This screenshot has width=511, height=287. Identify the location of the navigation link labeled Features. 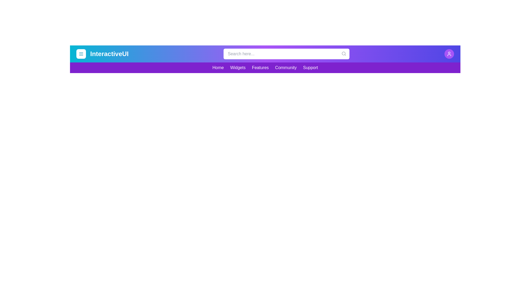
(260, 67).